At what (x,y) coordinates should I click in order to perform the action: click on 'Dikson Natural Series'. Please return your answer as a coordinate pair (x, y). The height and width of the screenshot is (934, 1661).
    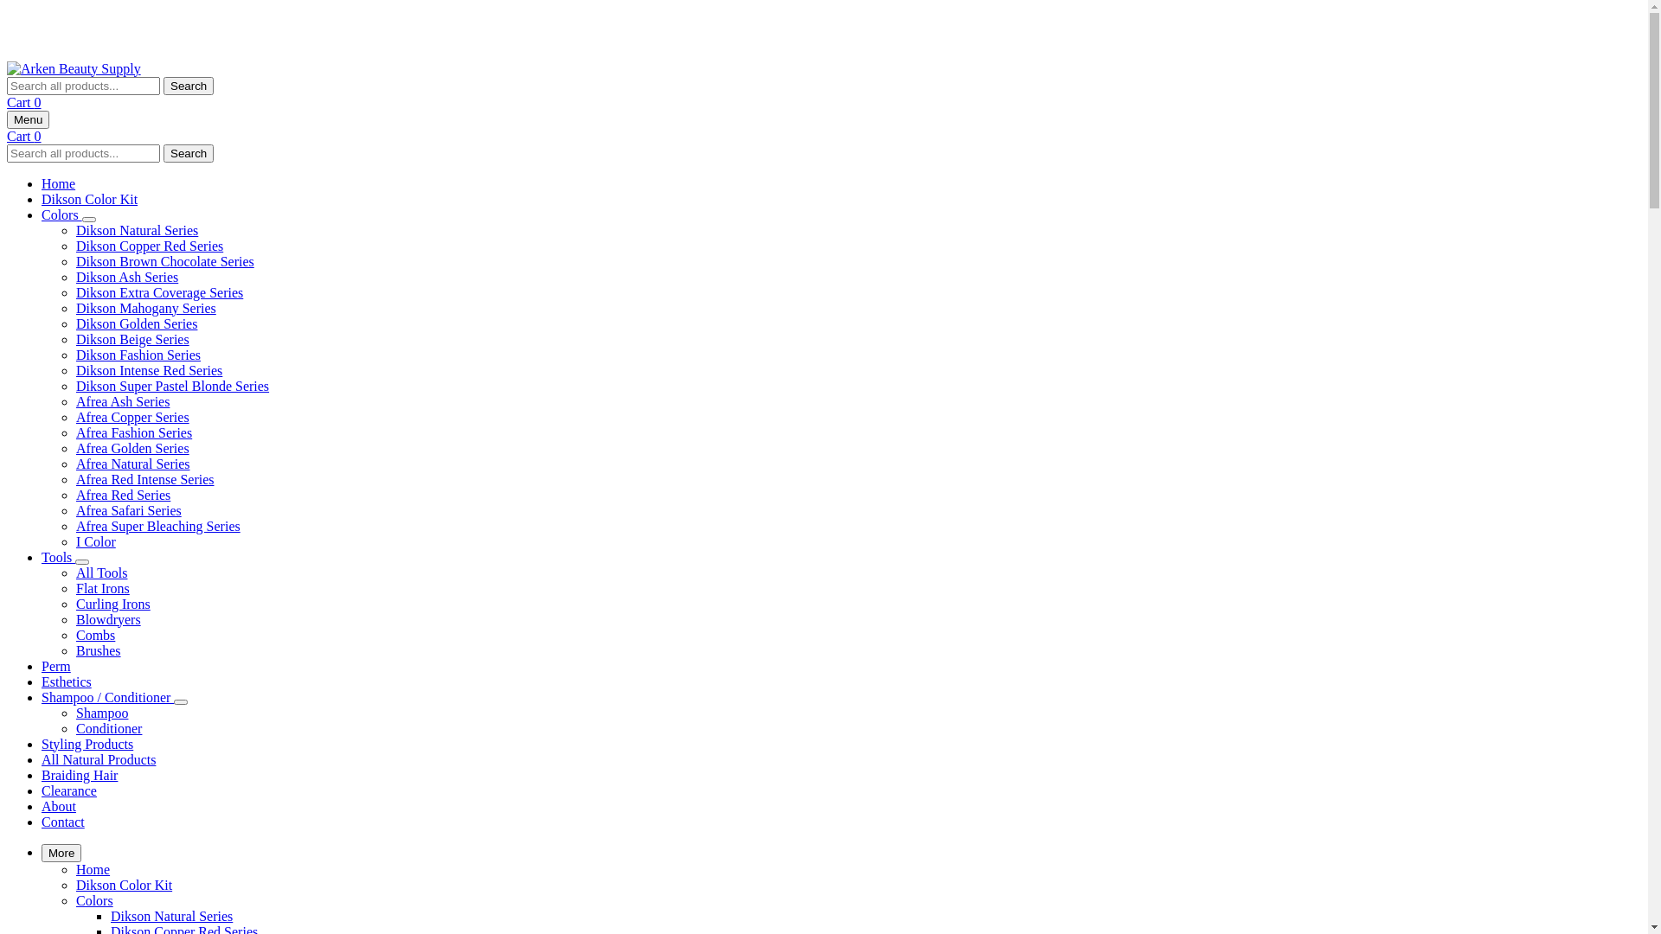
    Looking at the image, I should click on (136, 229).